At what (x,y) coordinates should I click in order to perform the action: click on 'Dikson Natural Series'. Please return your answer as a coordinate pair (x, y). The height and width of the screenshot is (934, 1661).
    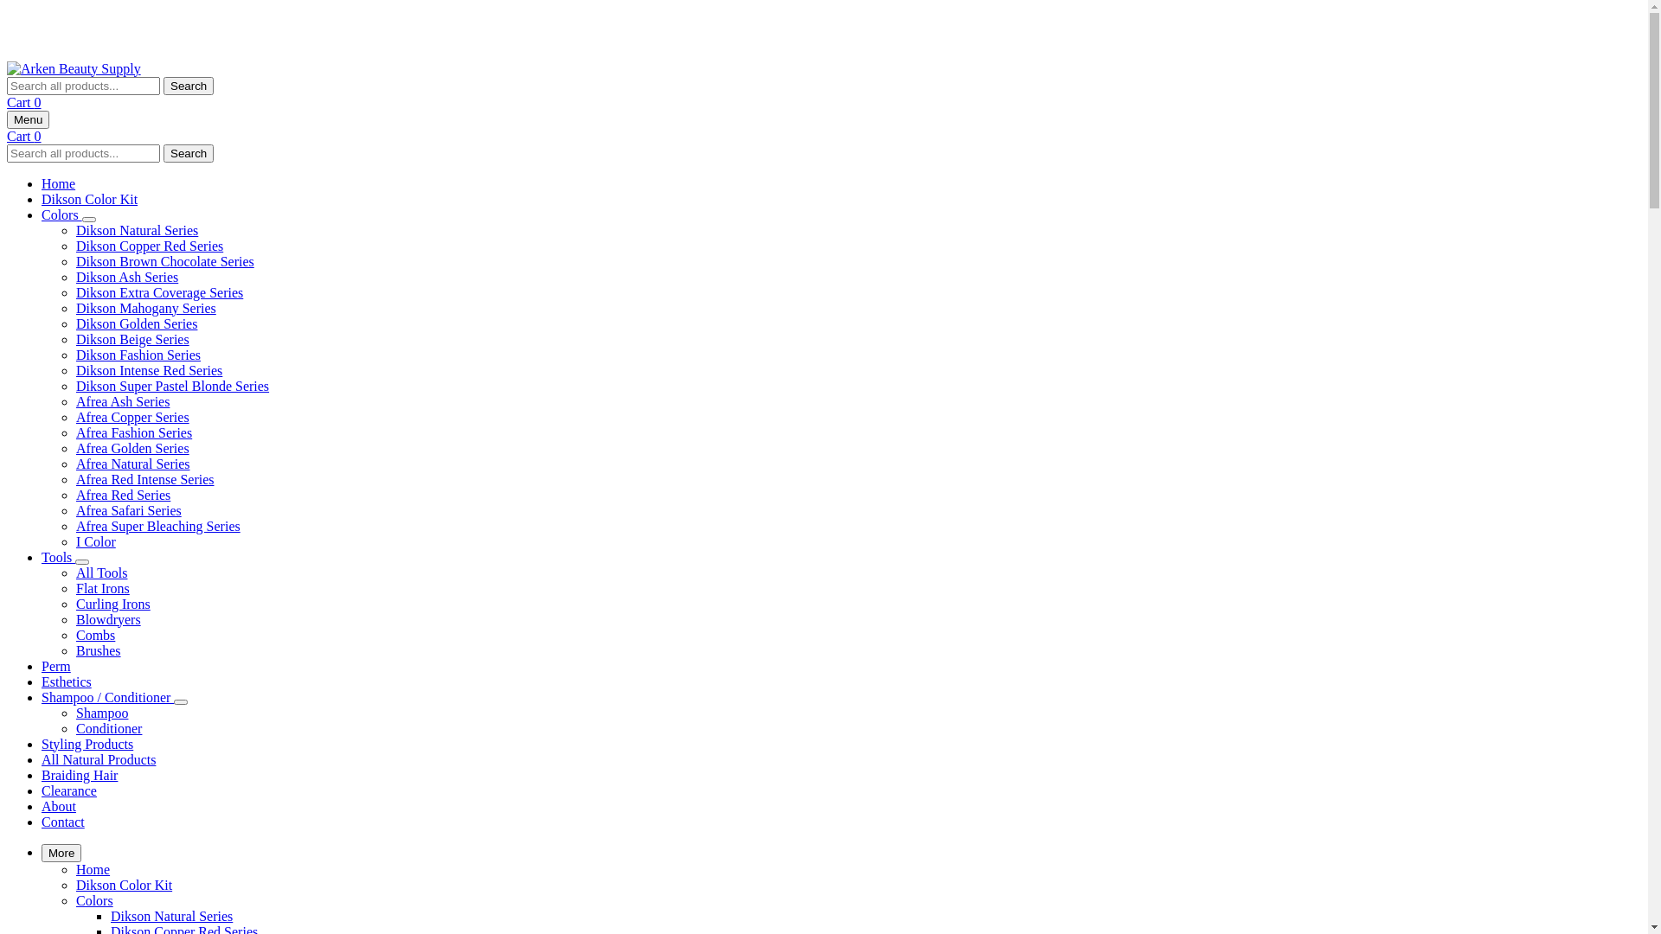
    Looking at the image, I should click on (136, 229).